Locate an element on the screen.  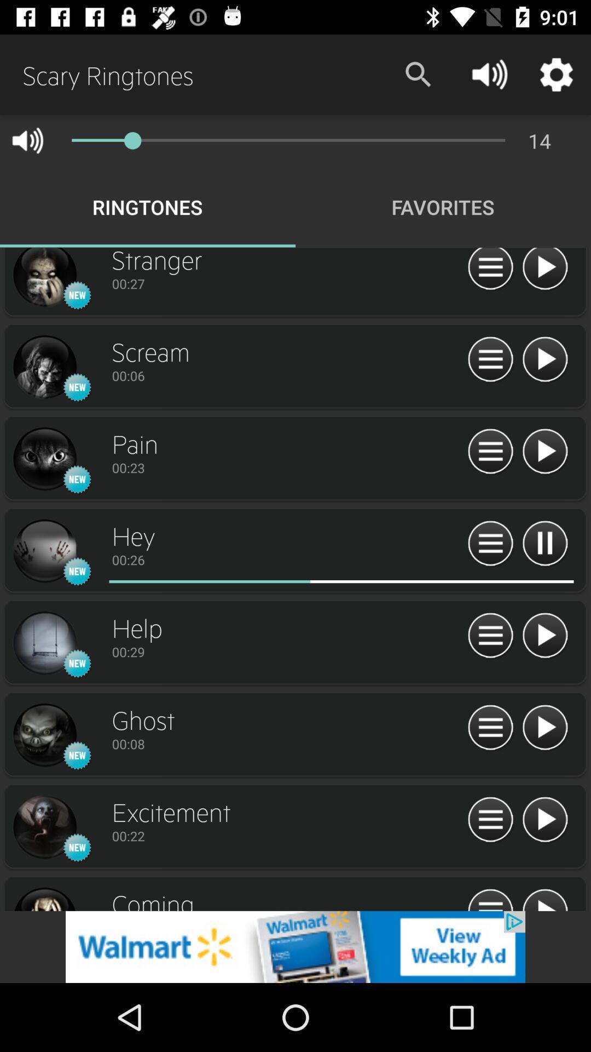
option is located at coordinates (544, 271).